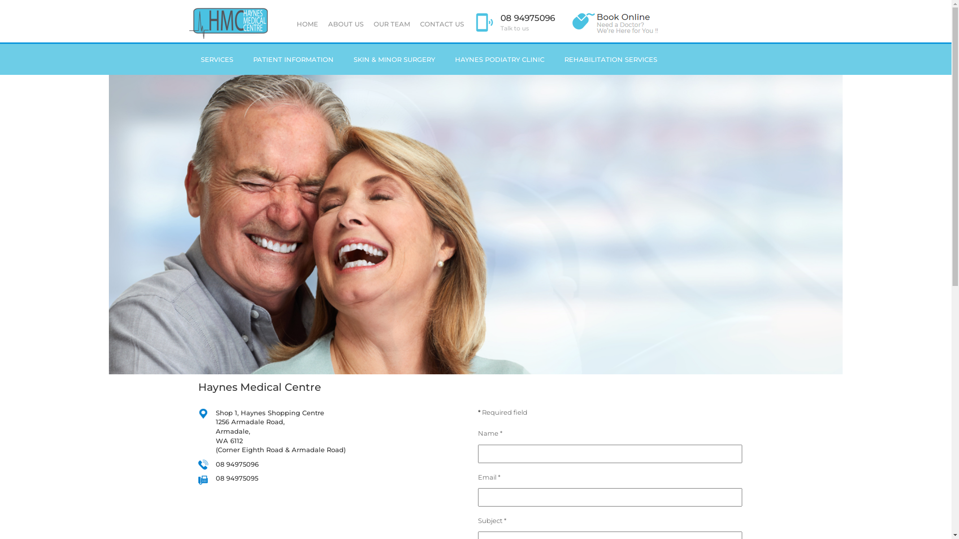 Image resolution: width=959 pixels, height=539 pixels. I want to click on 'OUR TEAM', so click(368, 23).